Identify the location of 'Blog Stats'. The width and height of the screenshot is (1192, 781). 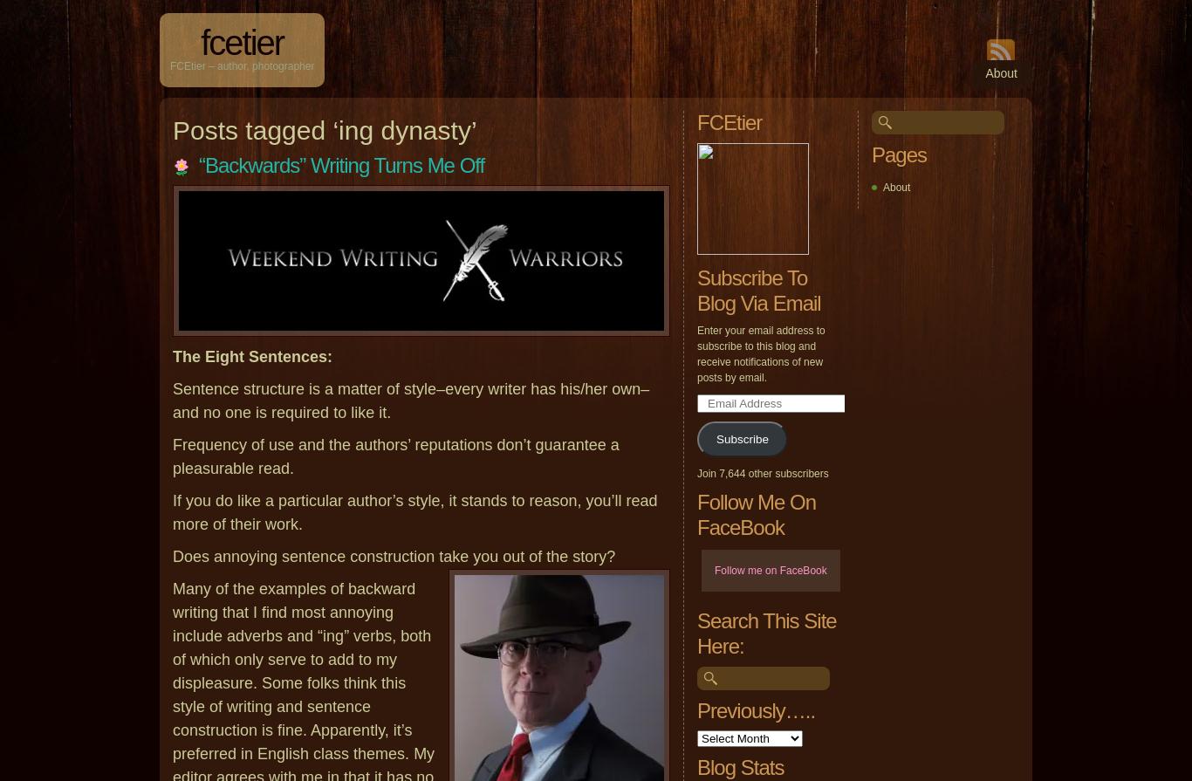
(739, 766).